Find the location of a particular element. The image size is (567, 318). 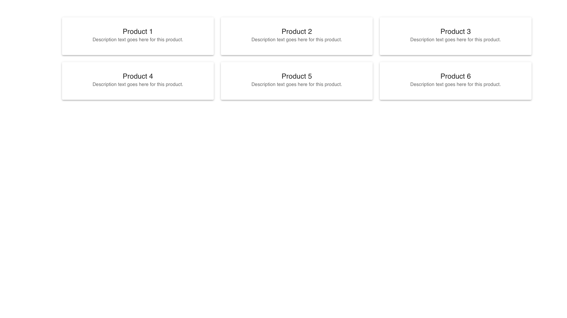

displayed title of the text label located at the top of the second card in the grid layout, which serves as the product heading is located at coordinates (137, 76).